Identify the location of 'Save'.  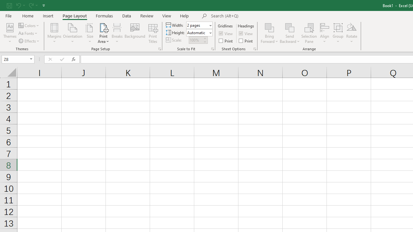
(9, 5).